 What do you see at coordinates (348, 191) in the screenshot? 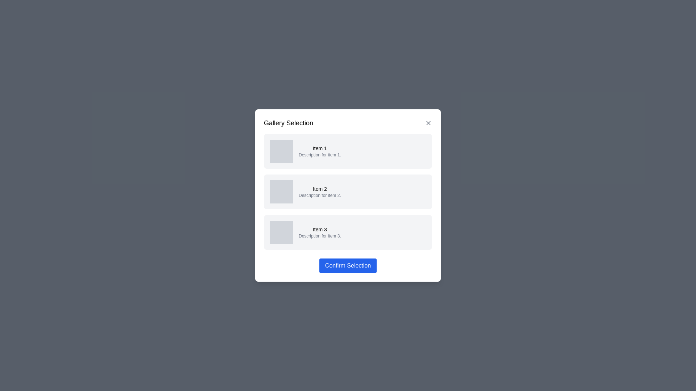
I see `the second item in the vertically stacked list in the 'Gallery Selection' modal` at bounding box center [348, 191].